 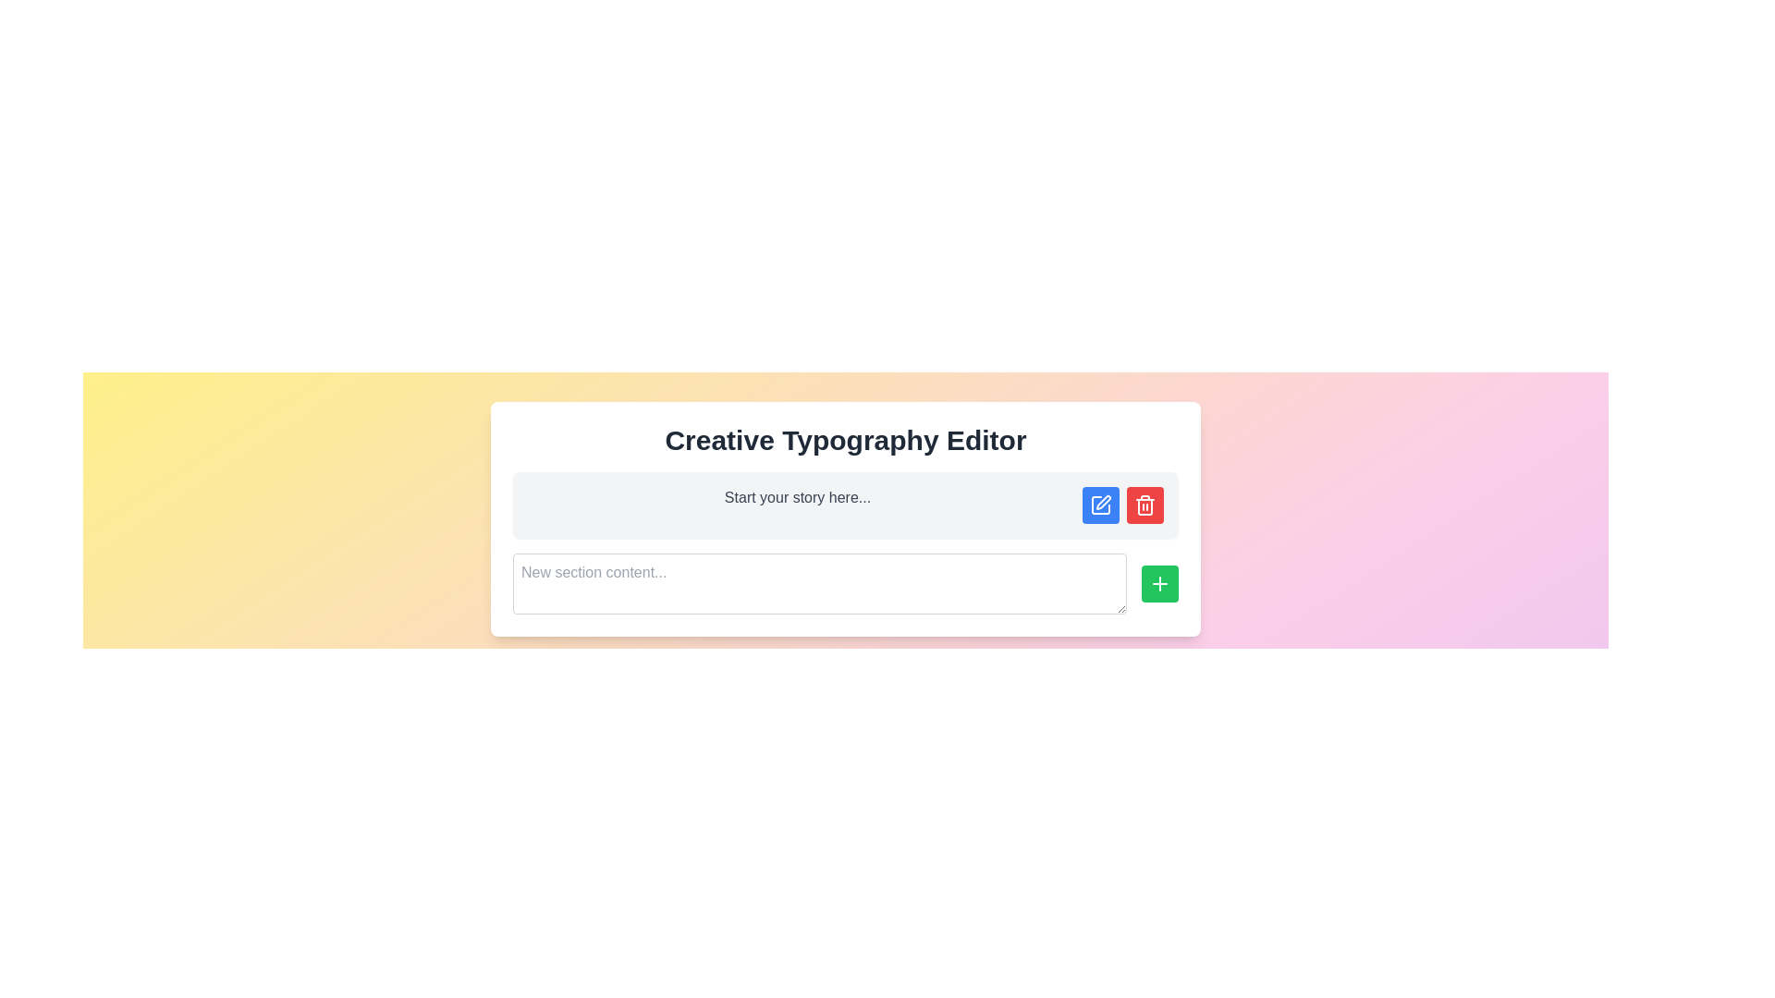 What do you see at coordinates (1100, 505) in the screenshot?
I see `the first rounded blue button with a pen icon located to the right of the text editor placeholder` at bounding box center [1100, 505].